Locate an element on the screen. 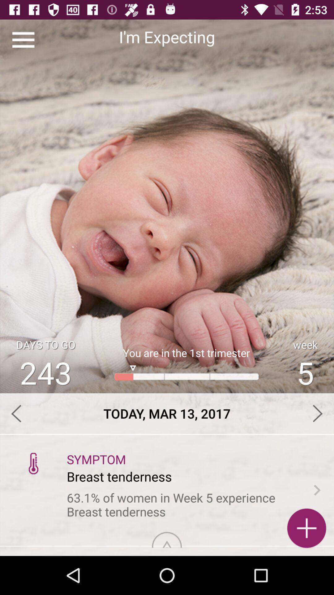 This screenshot has width=334, height=595. icon above 63 1 of item is located at coordinates (33, 463).